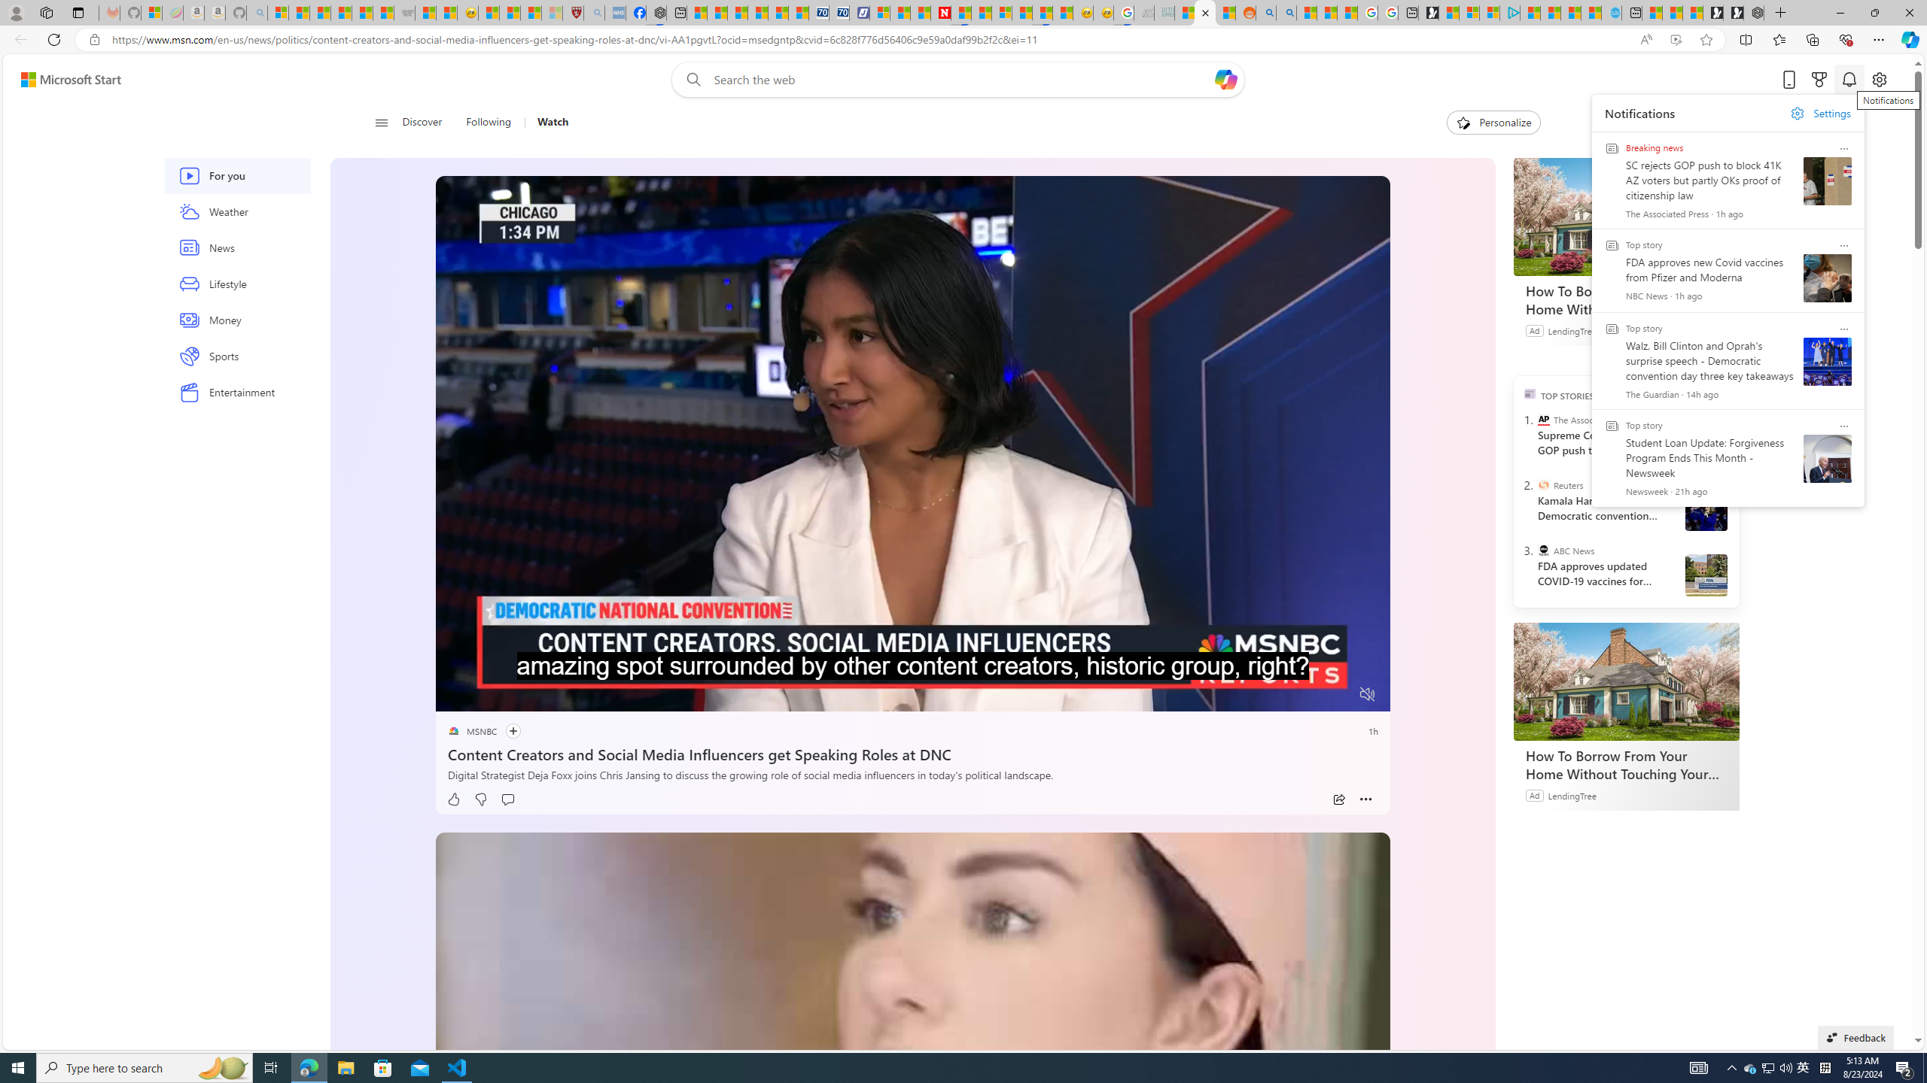  I want to click on 'Skip to content', so click(65, 78).